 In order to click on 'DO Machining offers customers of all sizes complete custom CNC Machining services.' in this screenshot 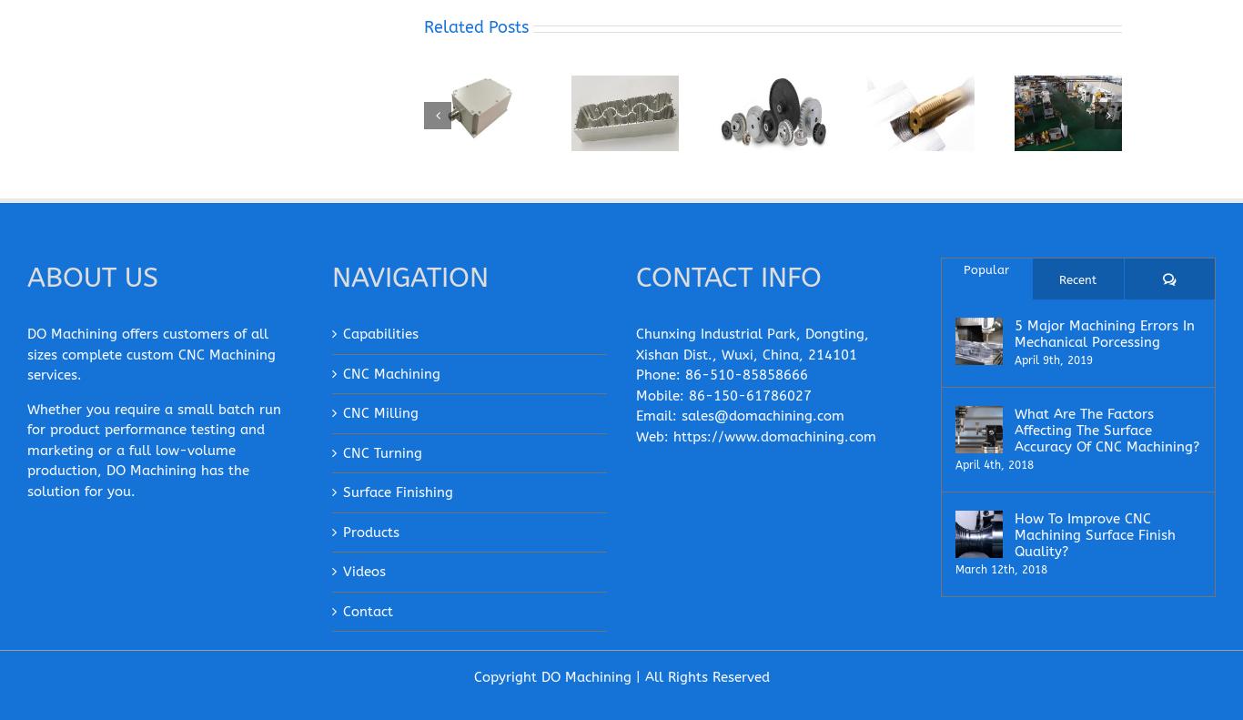, I will do `click(27, 355)`.